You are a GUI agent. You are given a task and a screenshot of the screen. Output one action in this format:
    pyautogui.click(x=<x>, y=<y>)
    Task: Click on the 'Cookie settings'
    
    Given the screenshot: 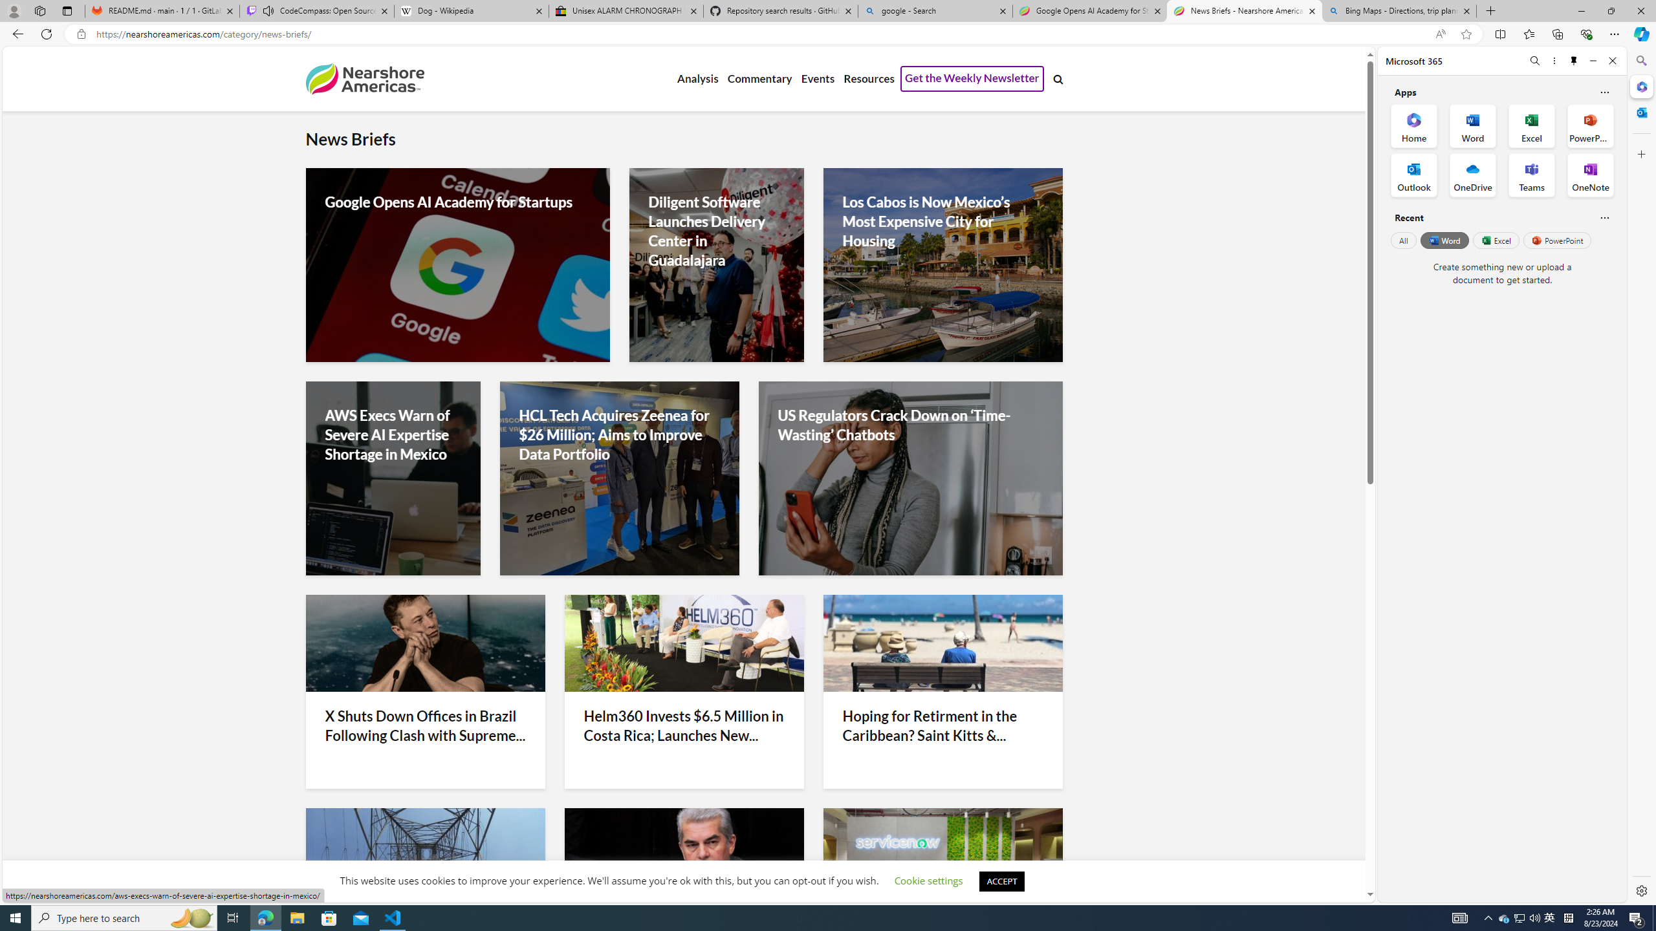 What is the action you would take?
    pyautogui.click(x=928, y=881)
    